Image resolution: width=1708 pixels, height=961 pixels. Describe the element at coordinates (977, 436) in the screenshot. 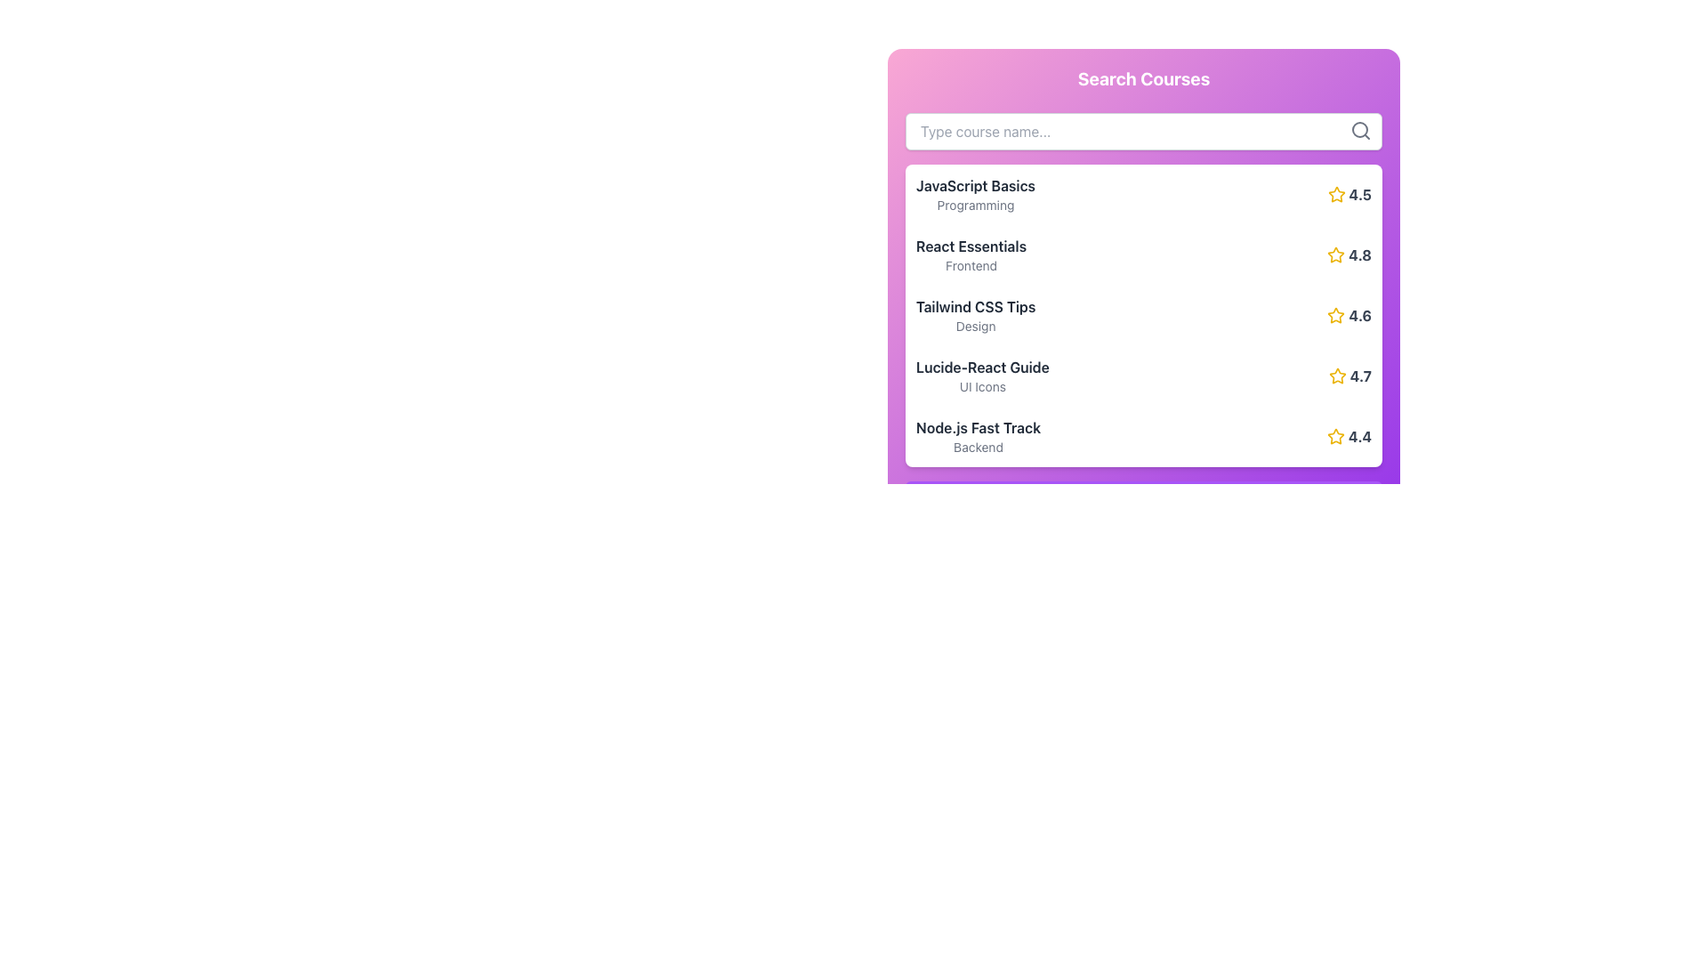

I see `the Text Display element that shows the title 'Node.js Fast Track' and category 'Backend' in the course selection list` at that location.